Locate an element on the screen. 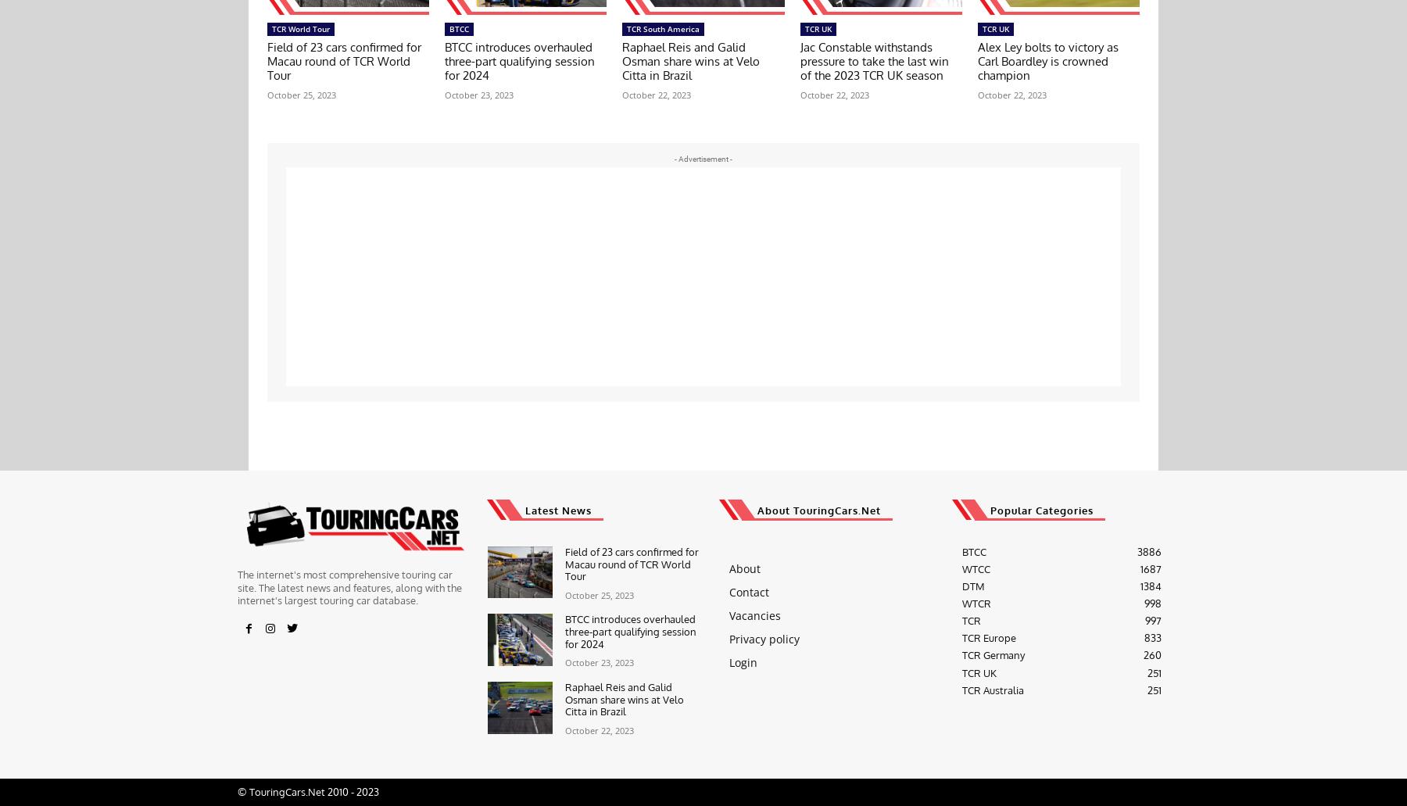 The image size is (1407, 806). '260' is located at coordinates (1151, 654).